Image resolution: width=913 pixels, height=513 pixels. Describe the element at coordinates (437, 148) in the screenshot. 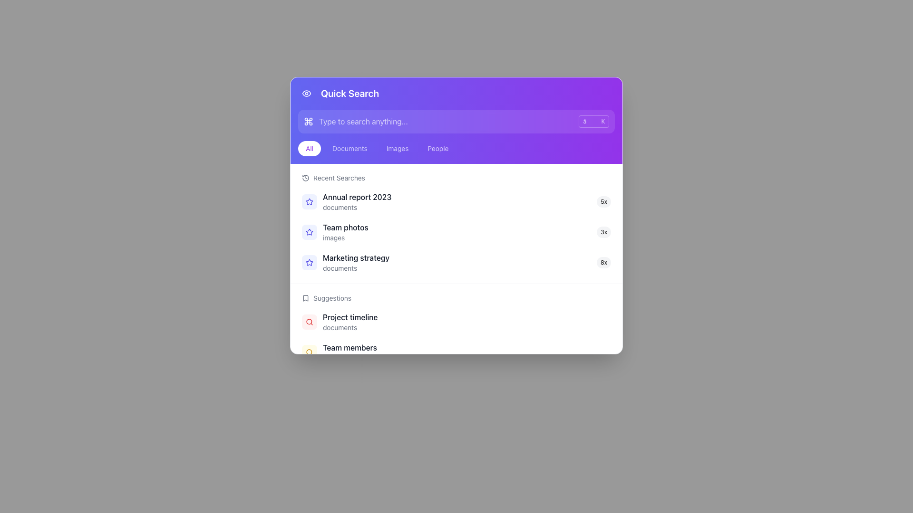

I see `the horizontally elongated purple button with rounded edges labeled 'People'` at that location.